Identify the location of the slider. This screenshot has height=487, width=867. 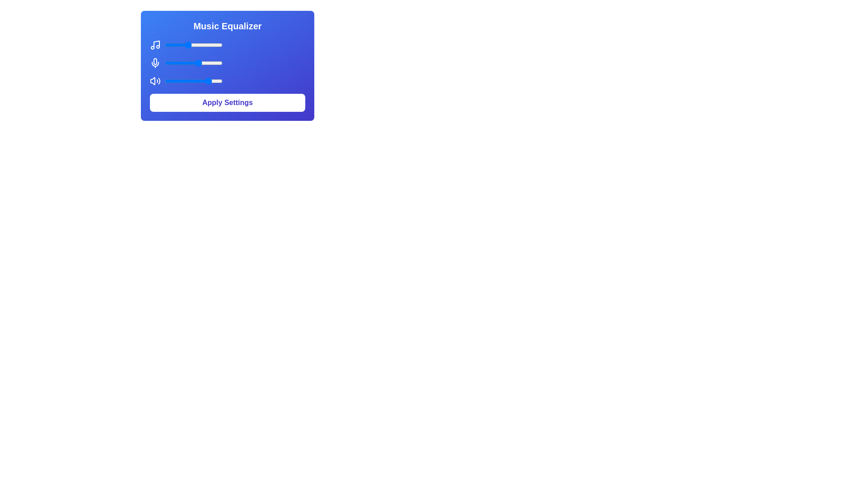
(197, 62).